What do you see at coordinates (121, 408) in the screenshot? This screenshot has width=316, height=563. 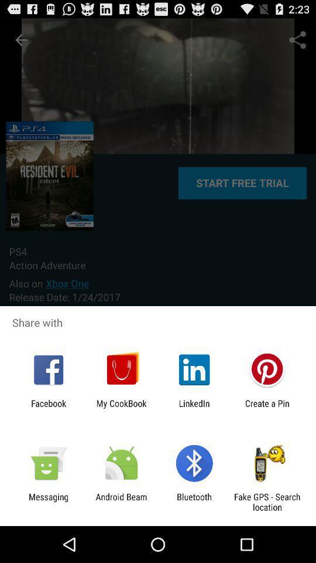 I see `app next to the linkedin icon` at bounding box center [121, 408].